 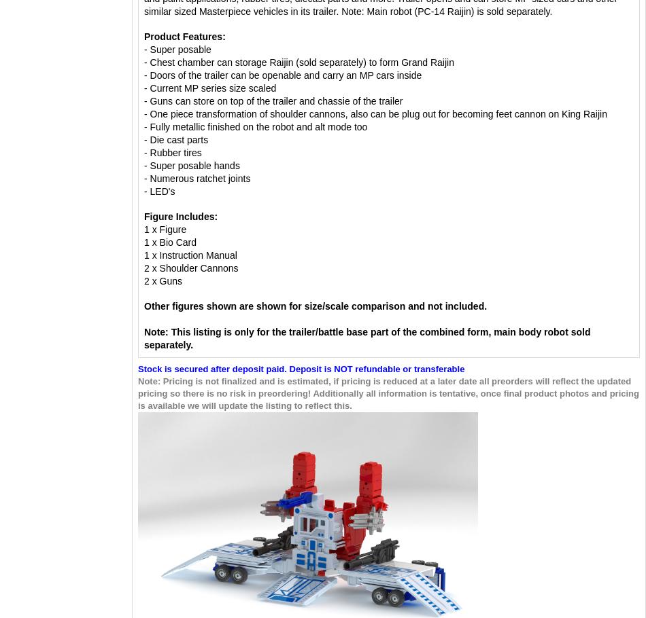 What do you see at coordinates (377, 113) in the screenshot?
I see `'- One piece transformation of shoulder cannons, also can be plug out for becoming feet cannon on King Raijin'` at bounding box center [377, 113].